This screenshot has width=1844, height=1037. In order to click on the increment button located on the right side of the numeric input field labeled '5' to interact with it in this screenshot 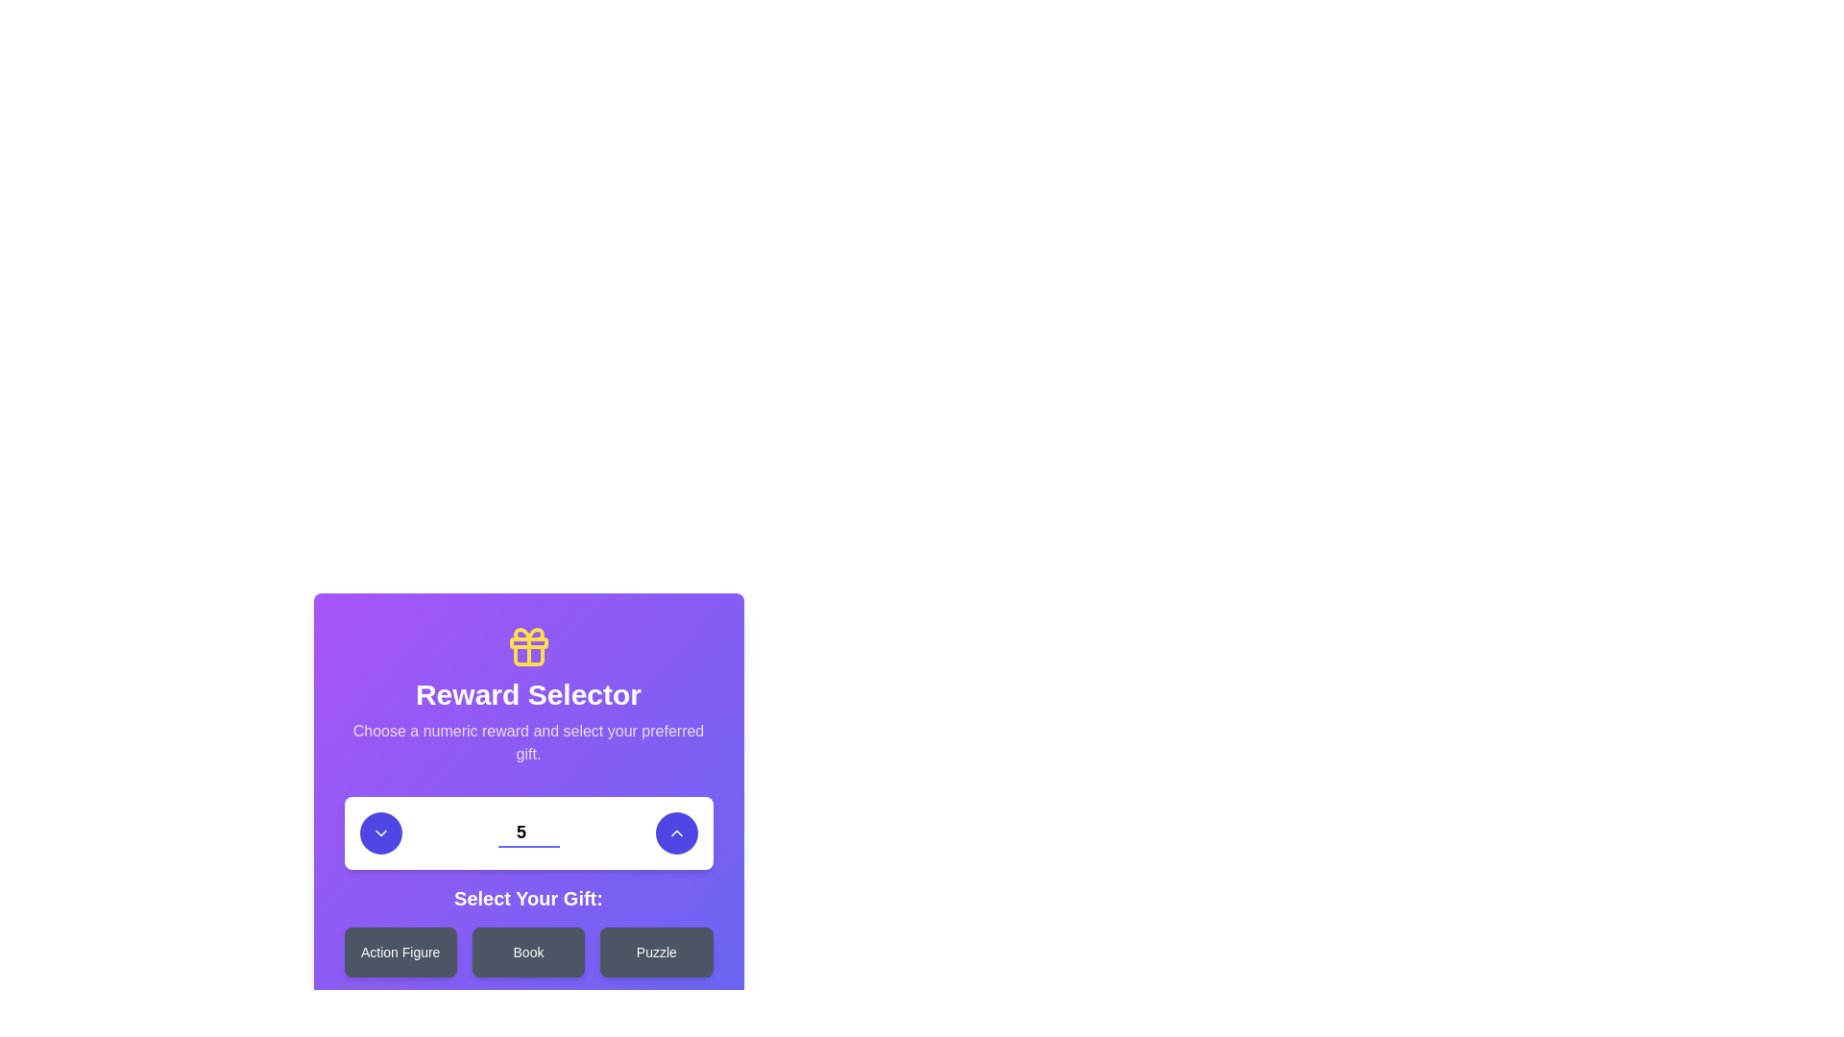, I will do `click(676, 832)`.